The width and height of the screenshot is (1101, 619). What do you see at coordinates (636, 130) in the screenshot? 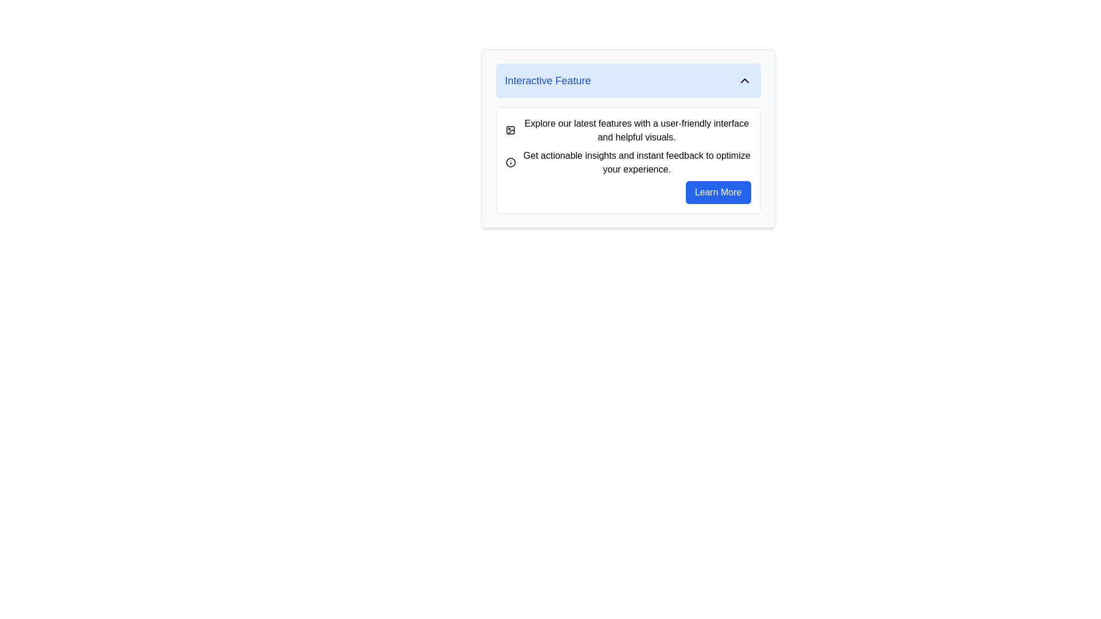
I see `the text block displaying the sentence 'Explore our latest features with a user-friendly interface and helpful visuals.' located in the 'Interactive Feature' section` at bounding box center [636, 130].